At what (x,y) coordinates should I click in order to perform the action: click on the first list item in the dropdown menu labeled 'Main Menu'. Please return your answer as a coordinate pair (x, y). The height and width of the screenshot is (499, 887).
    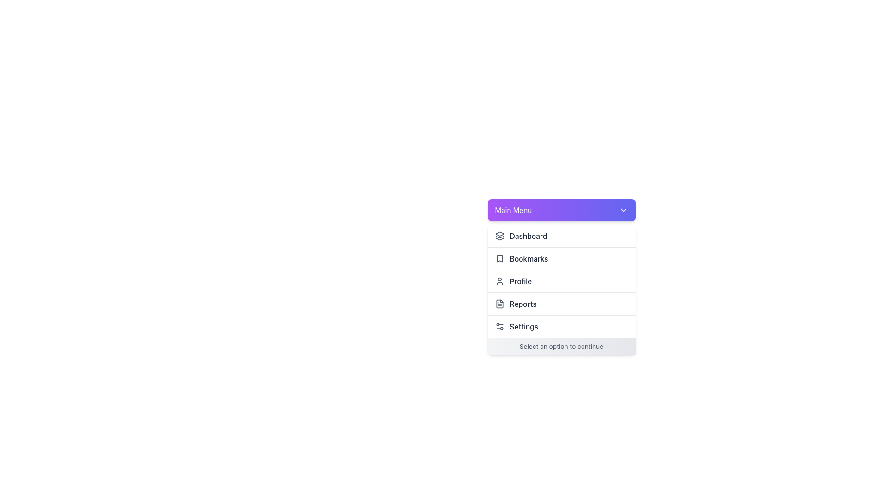
    Looking at the image, I should click on (561, 235).